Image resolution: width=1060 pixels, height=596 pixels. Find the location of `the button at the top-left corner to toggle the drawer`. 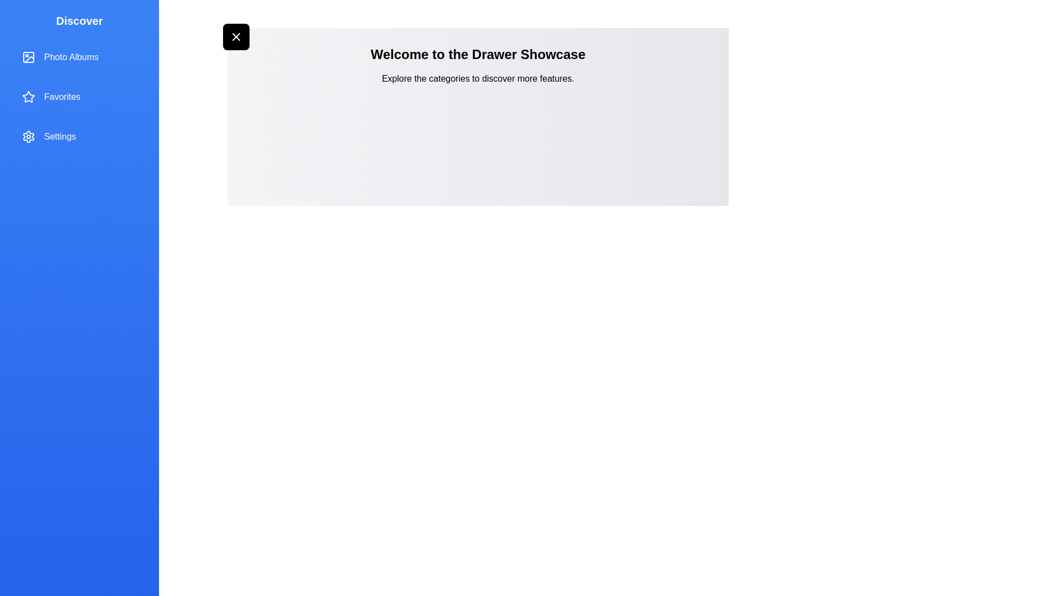

the button at the top-left corner to toggle the drawer is located at coordinates (235, 36).